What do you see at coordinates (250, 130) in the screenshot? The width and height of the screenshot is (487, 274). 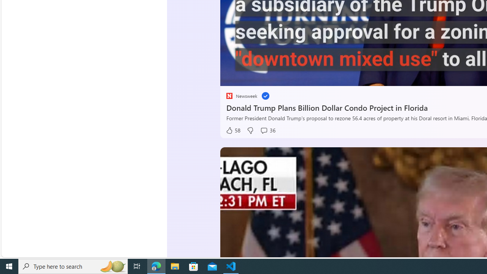 I see `'Dislike'` at bounding box center [250, 130].